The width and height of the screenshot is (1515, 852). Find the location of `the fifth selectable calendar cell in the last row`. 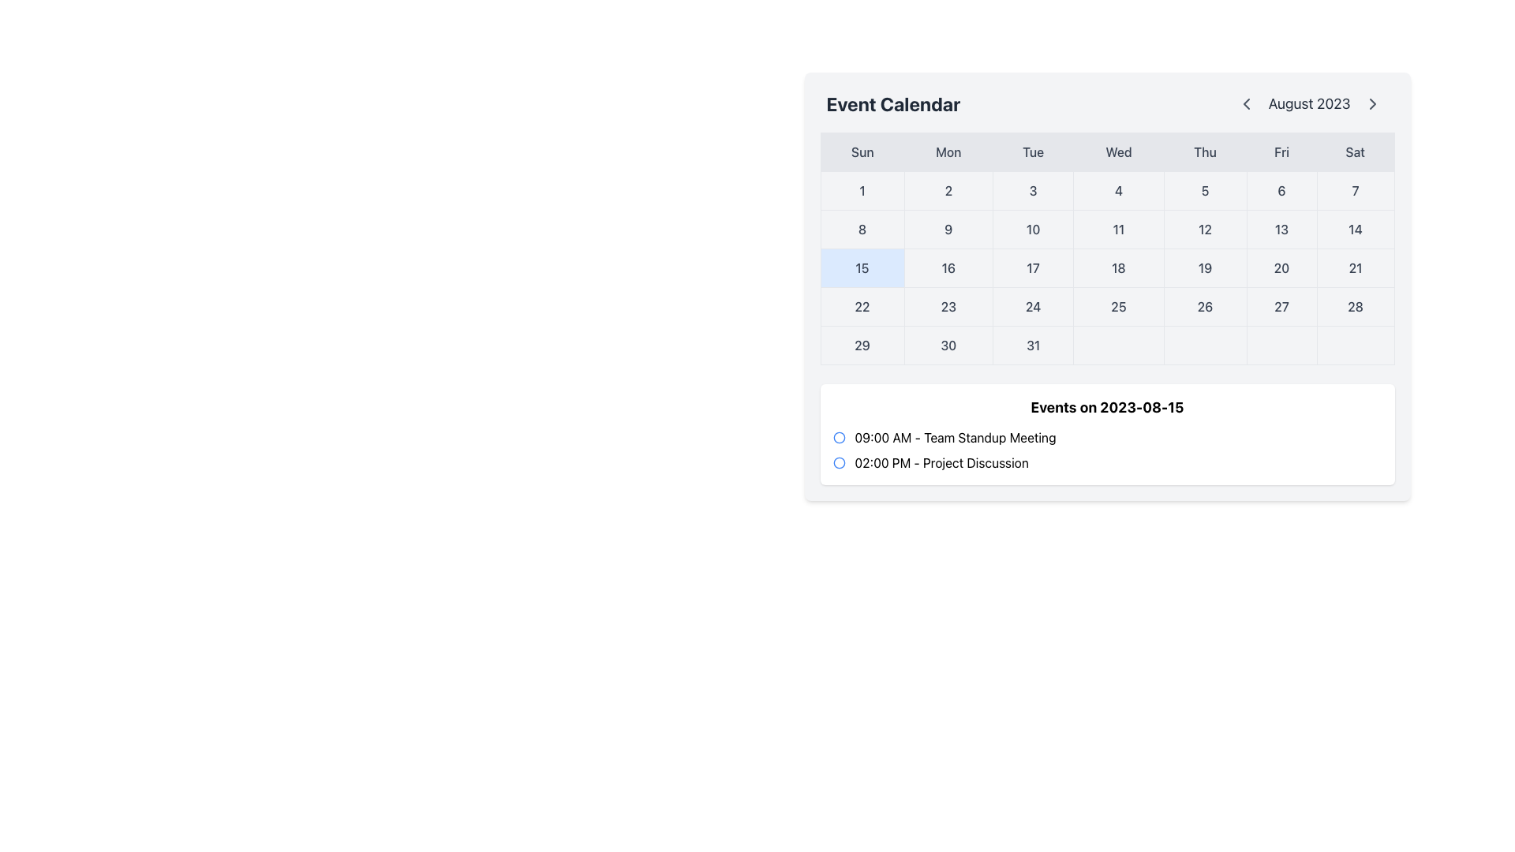

the fifth selectable calendar cell in the last row is located at coordinates (1204, 345).